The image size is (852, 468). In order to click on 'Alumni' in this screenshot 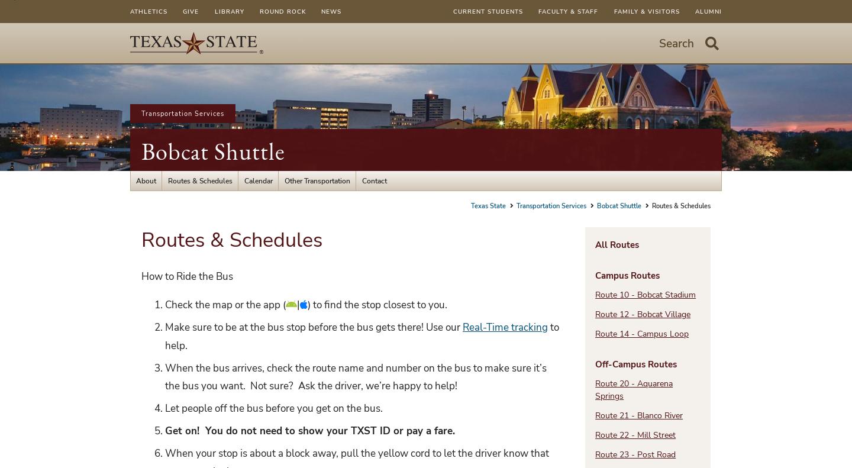, I will do `click(708, 11)`.